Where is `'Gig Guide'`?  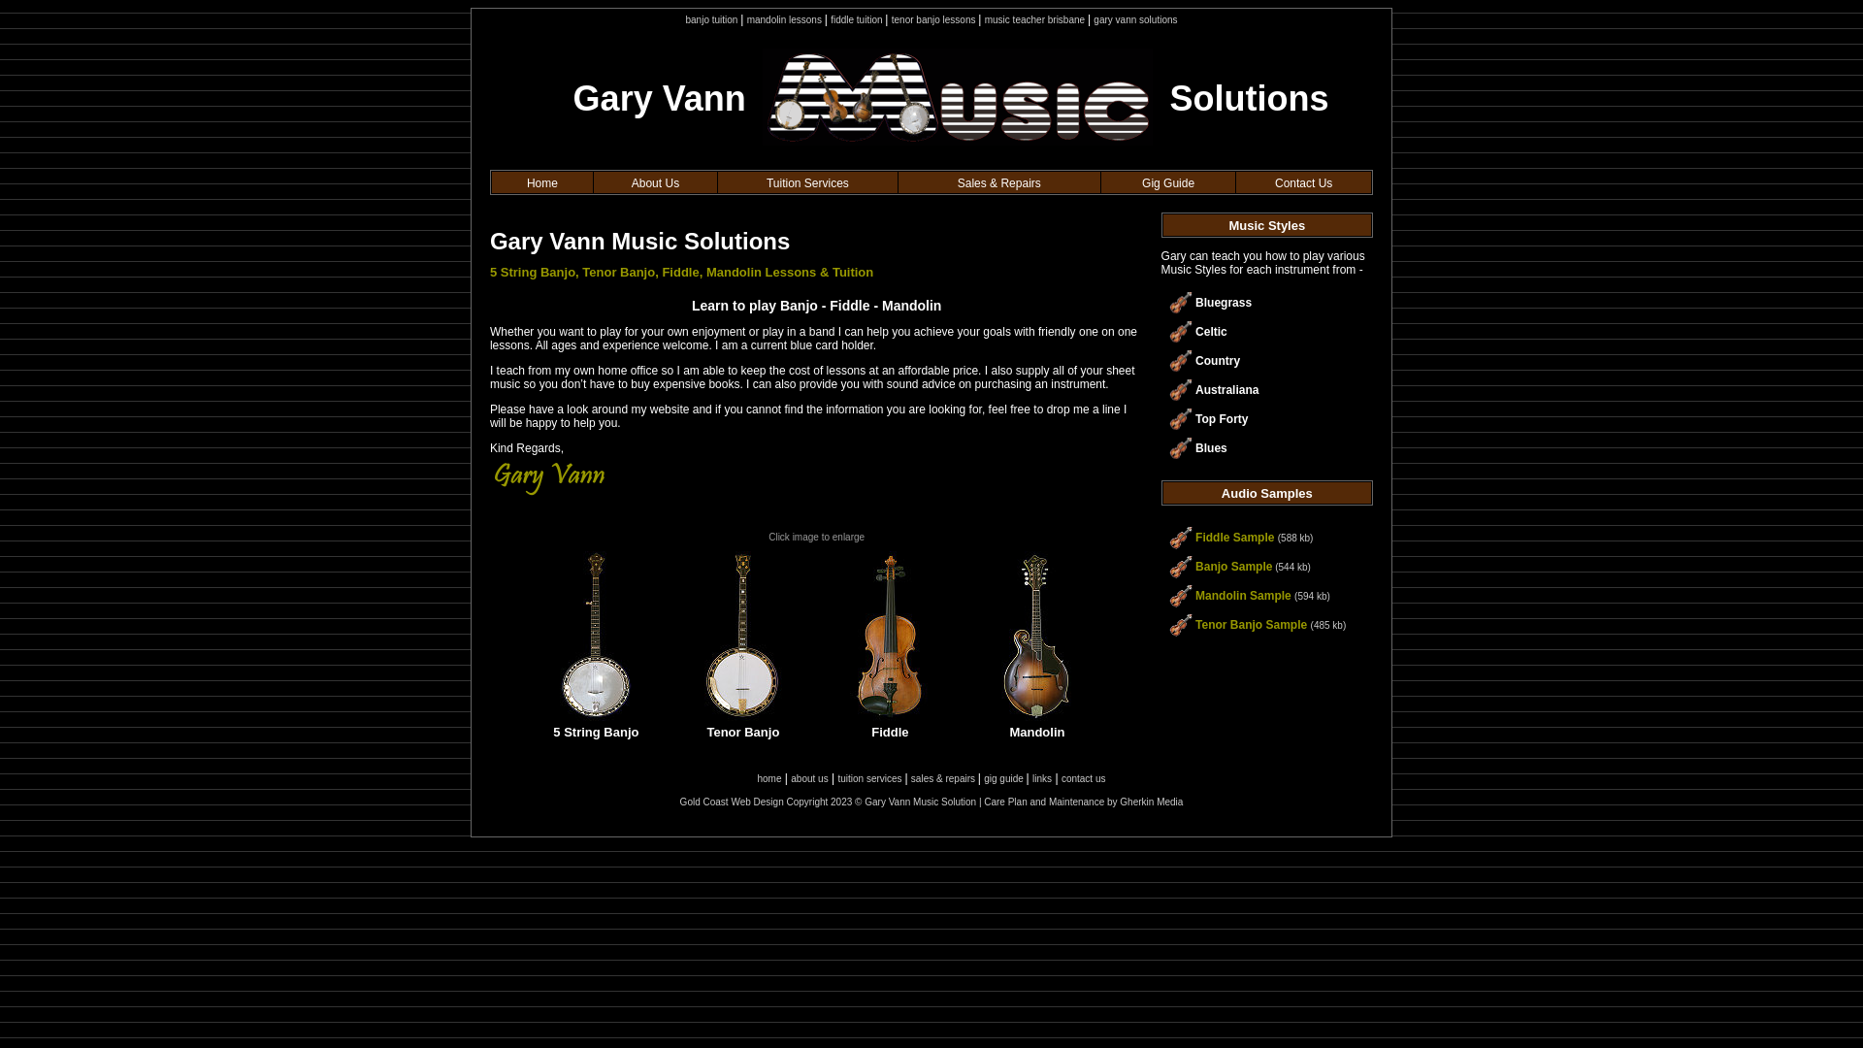
'Gig Guide' is located at coordinates (1167, 183).